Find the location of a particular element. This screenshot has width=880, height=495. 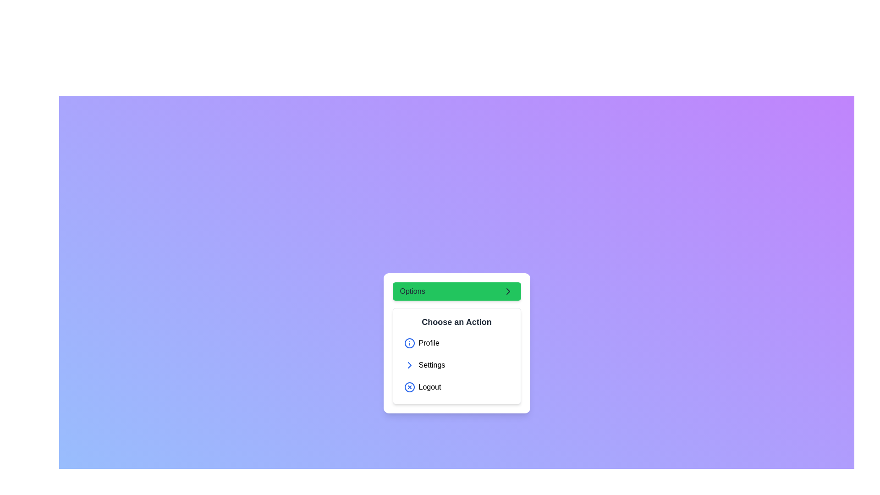

the 'Logout' button, which is the last item in a vertical list of buttons is located at coordinates (456, 387).